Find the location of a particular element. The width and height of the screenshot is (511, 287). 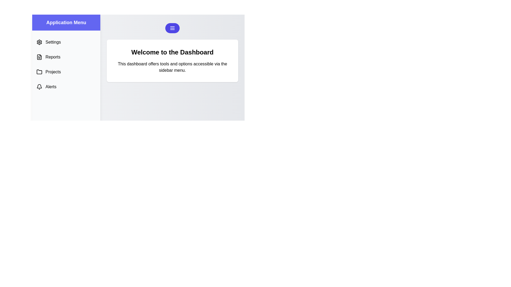

the menu option labeled 'Settings' to see its hover effect is located at coordinates (66, 42).